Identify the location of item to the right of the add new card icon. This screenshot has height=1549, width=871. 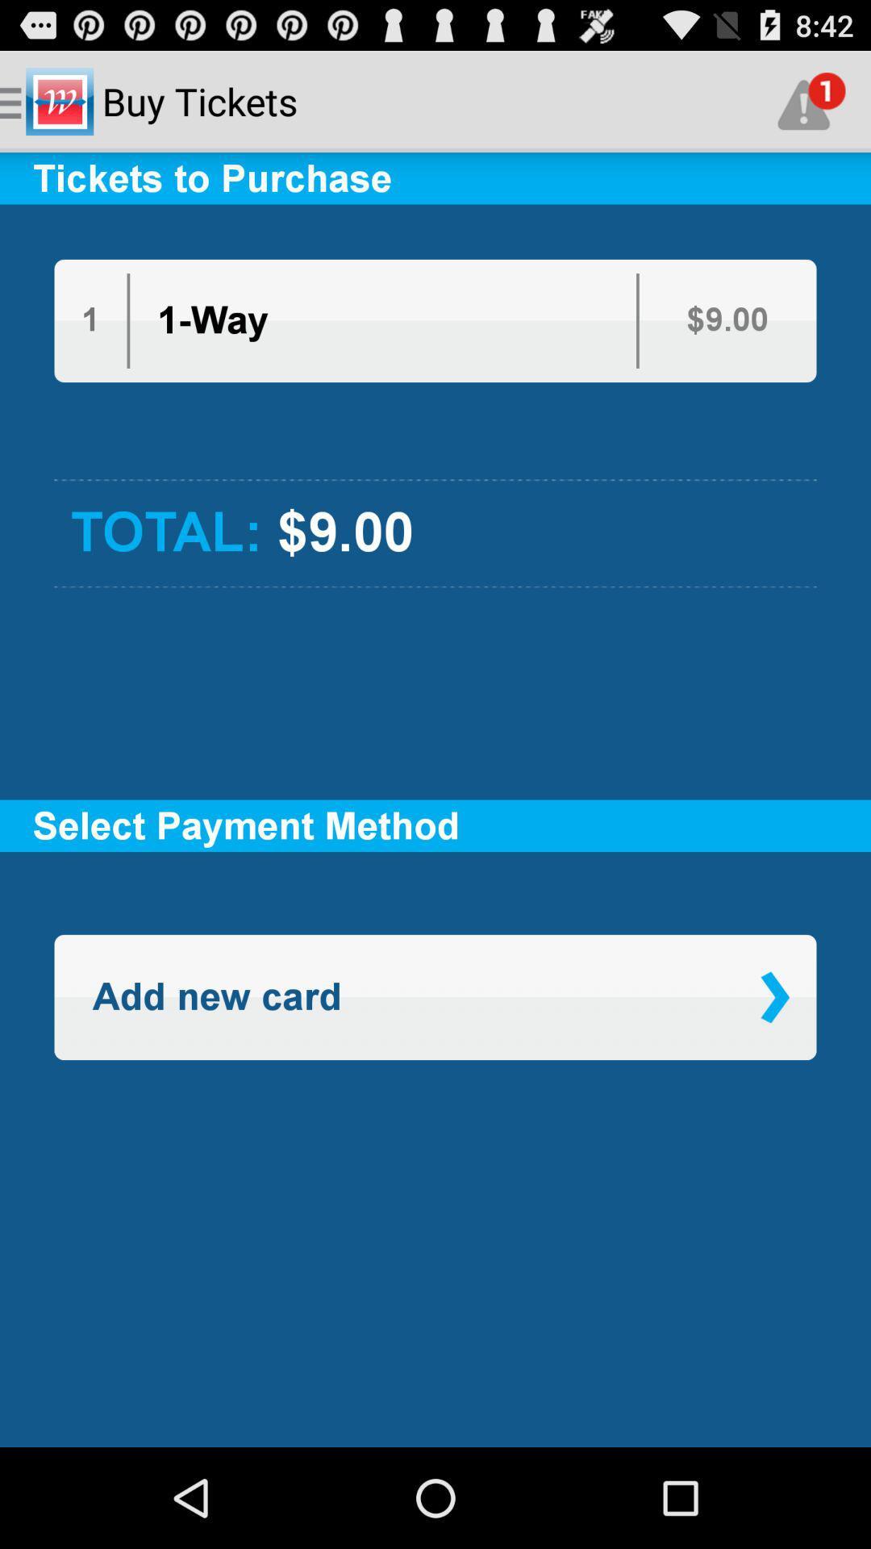
(774, 996).